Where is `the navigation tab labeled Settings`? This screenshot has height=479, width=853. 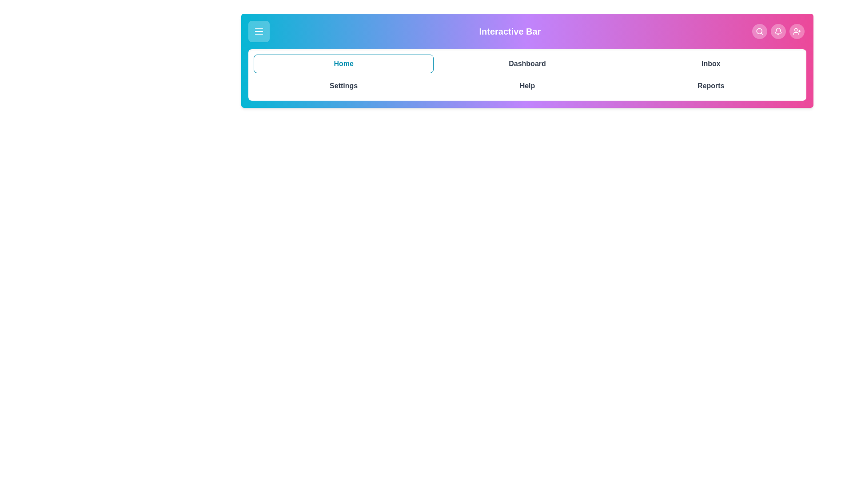
the navigation tab labeled Settings is located at coordinates (343, 86).